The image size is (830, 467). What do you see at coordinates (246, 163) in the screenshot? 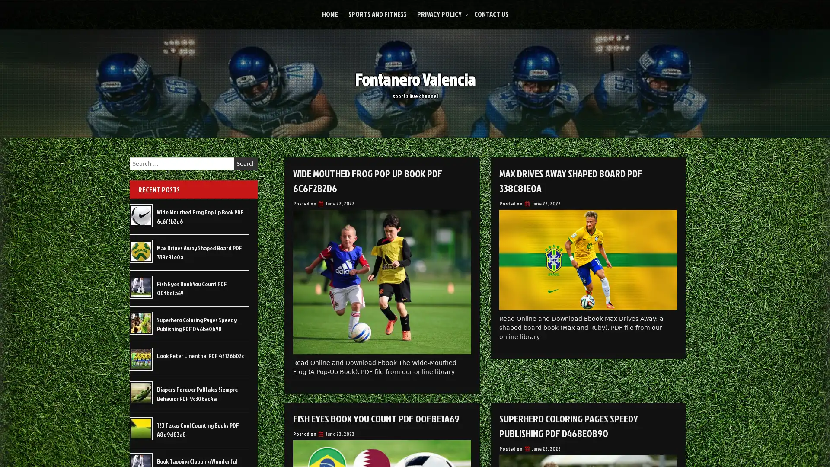
I see `Search` at bounding box center [246, 163].